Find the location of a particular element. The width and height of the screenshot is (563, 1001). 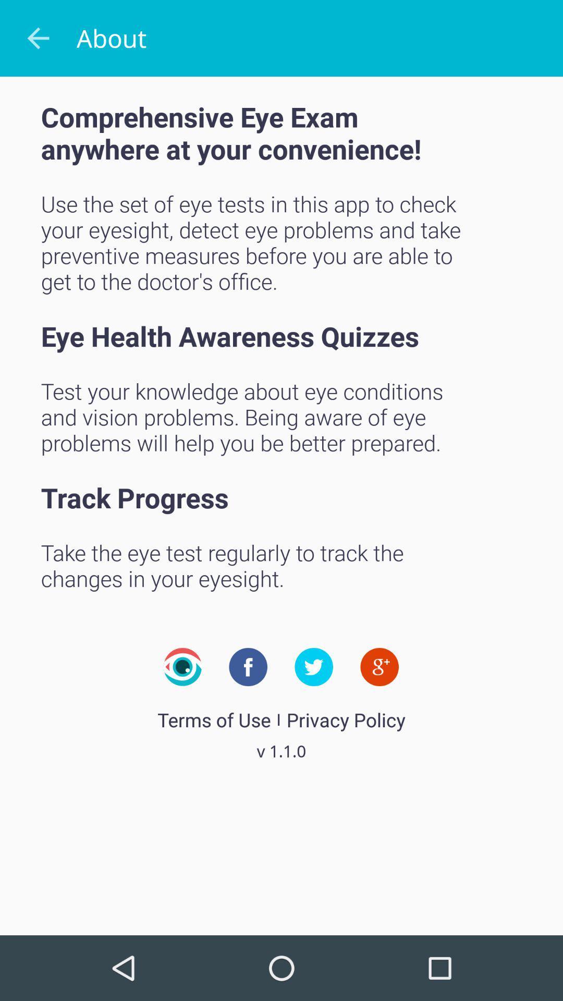

share via google plus is located at coordinates (380, 666).